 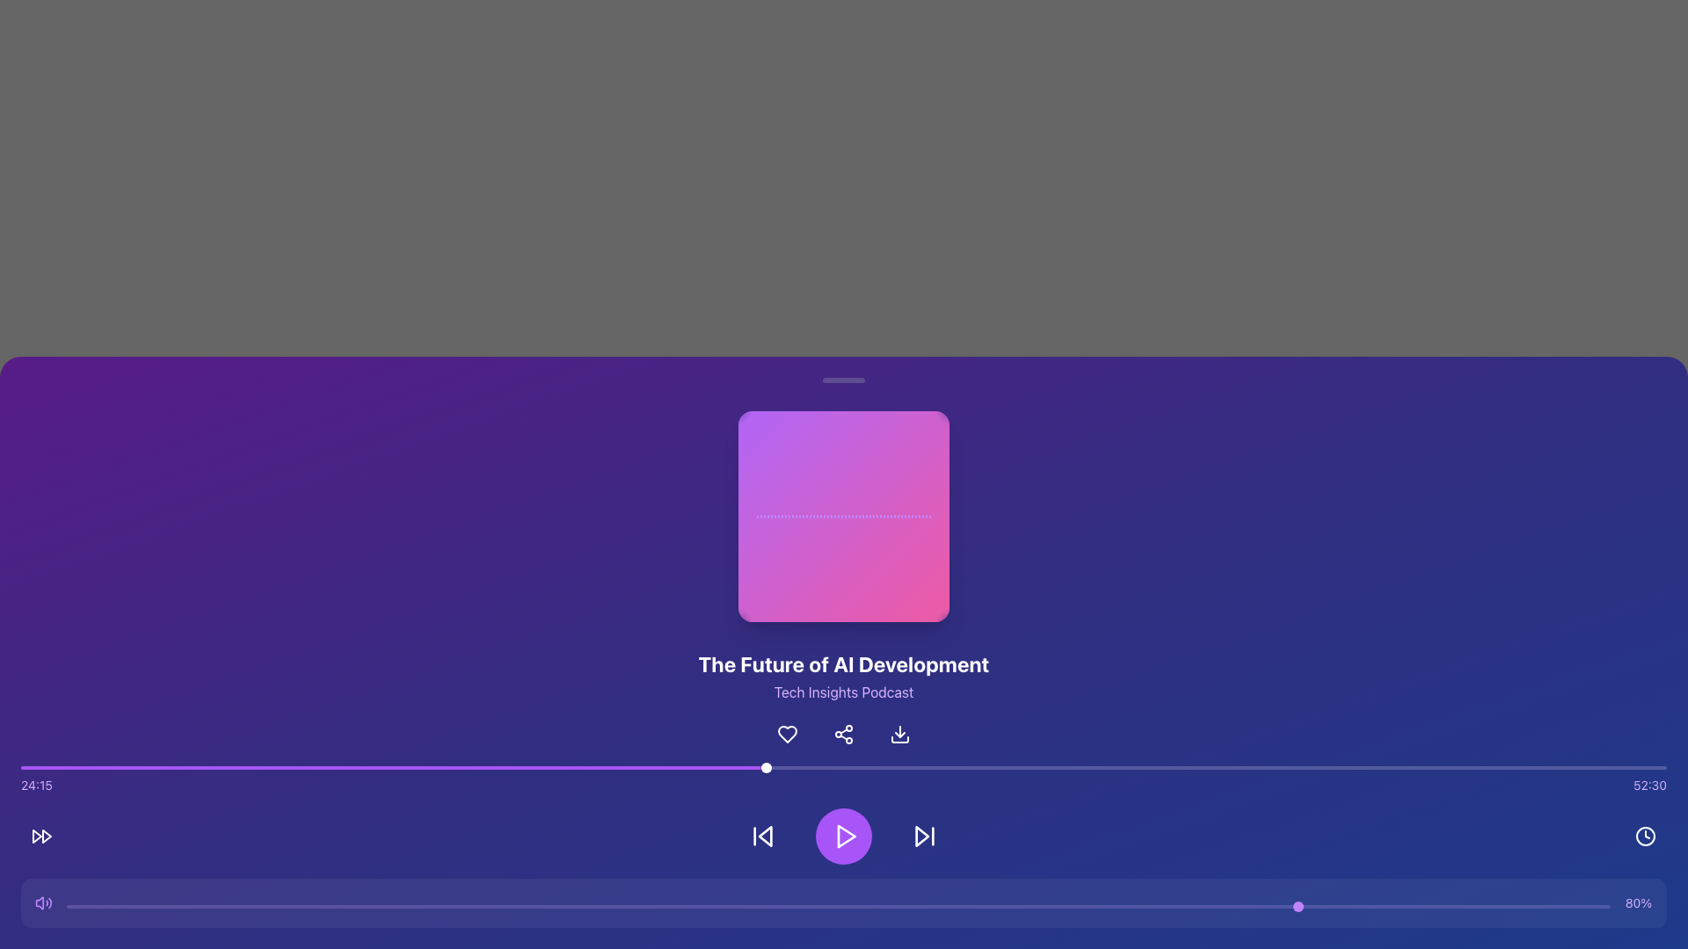 What do you see at coordinates (1648, 785) in the screenshot?
I see `the value displayed in the text label that shows the total duration of the audio or video file, located in the bottom-right corner of the media control interface` at bounding box center [1648, 785].